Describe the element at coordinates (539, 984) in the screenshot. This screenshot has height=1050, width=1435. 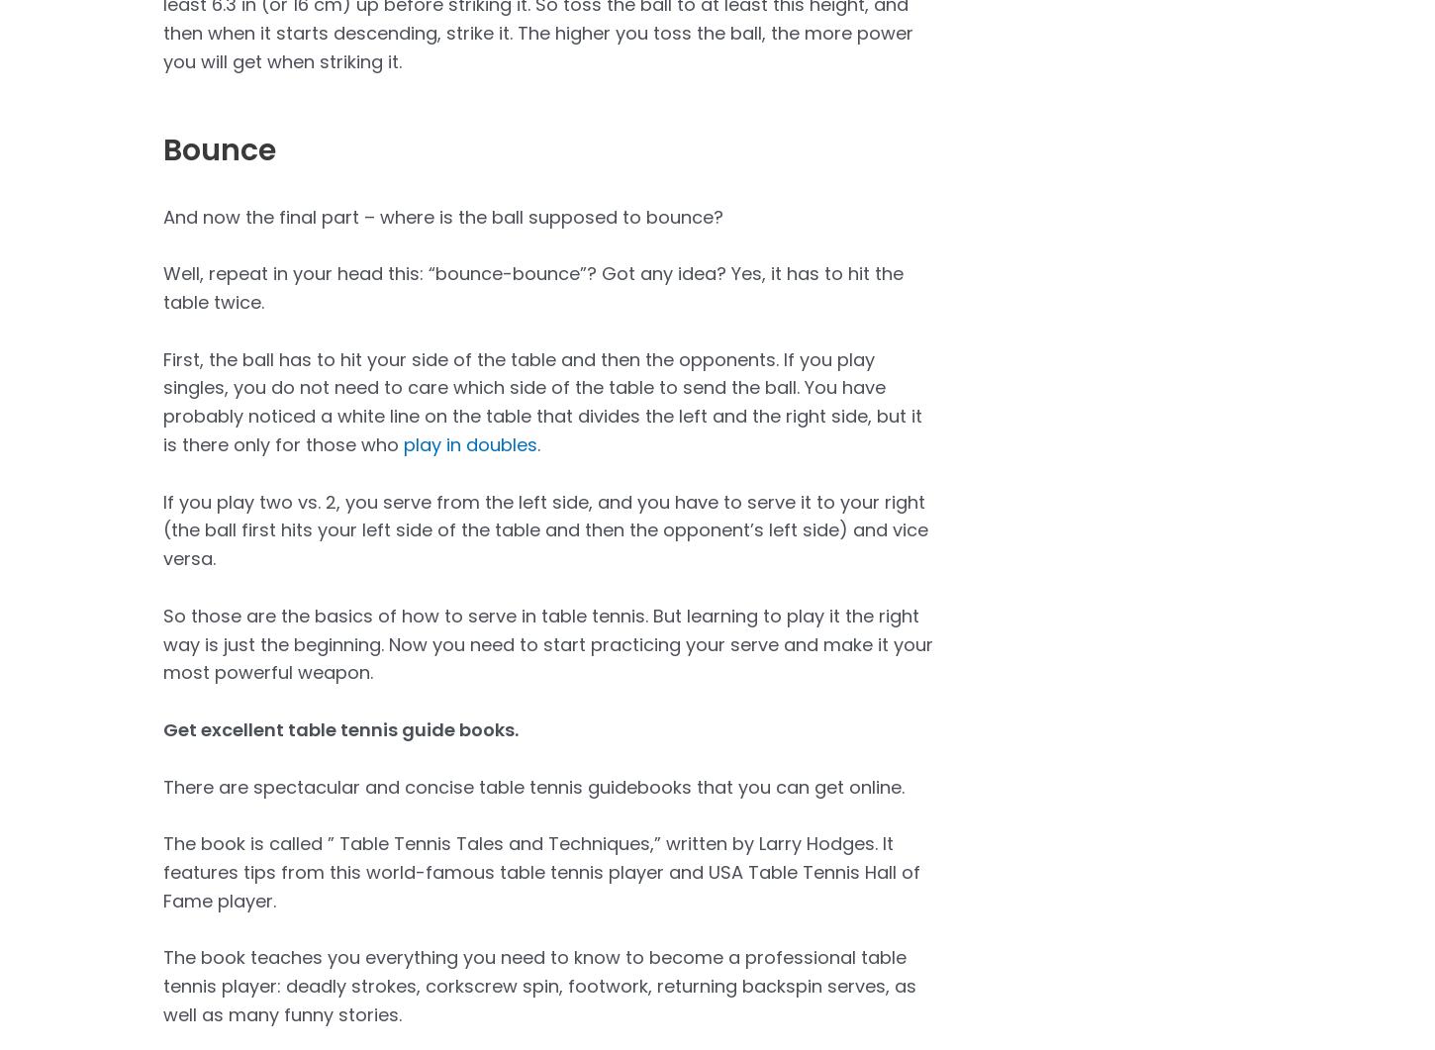
I see `'The book teaches you everything you need to know to become a professional table tennis player: deadly strokes, corkscrew spin, footwork, returning backspin serves, as well as many funny stories.'` at that location.